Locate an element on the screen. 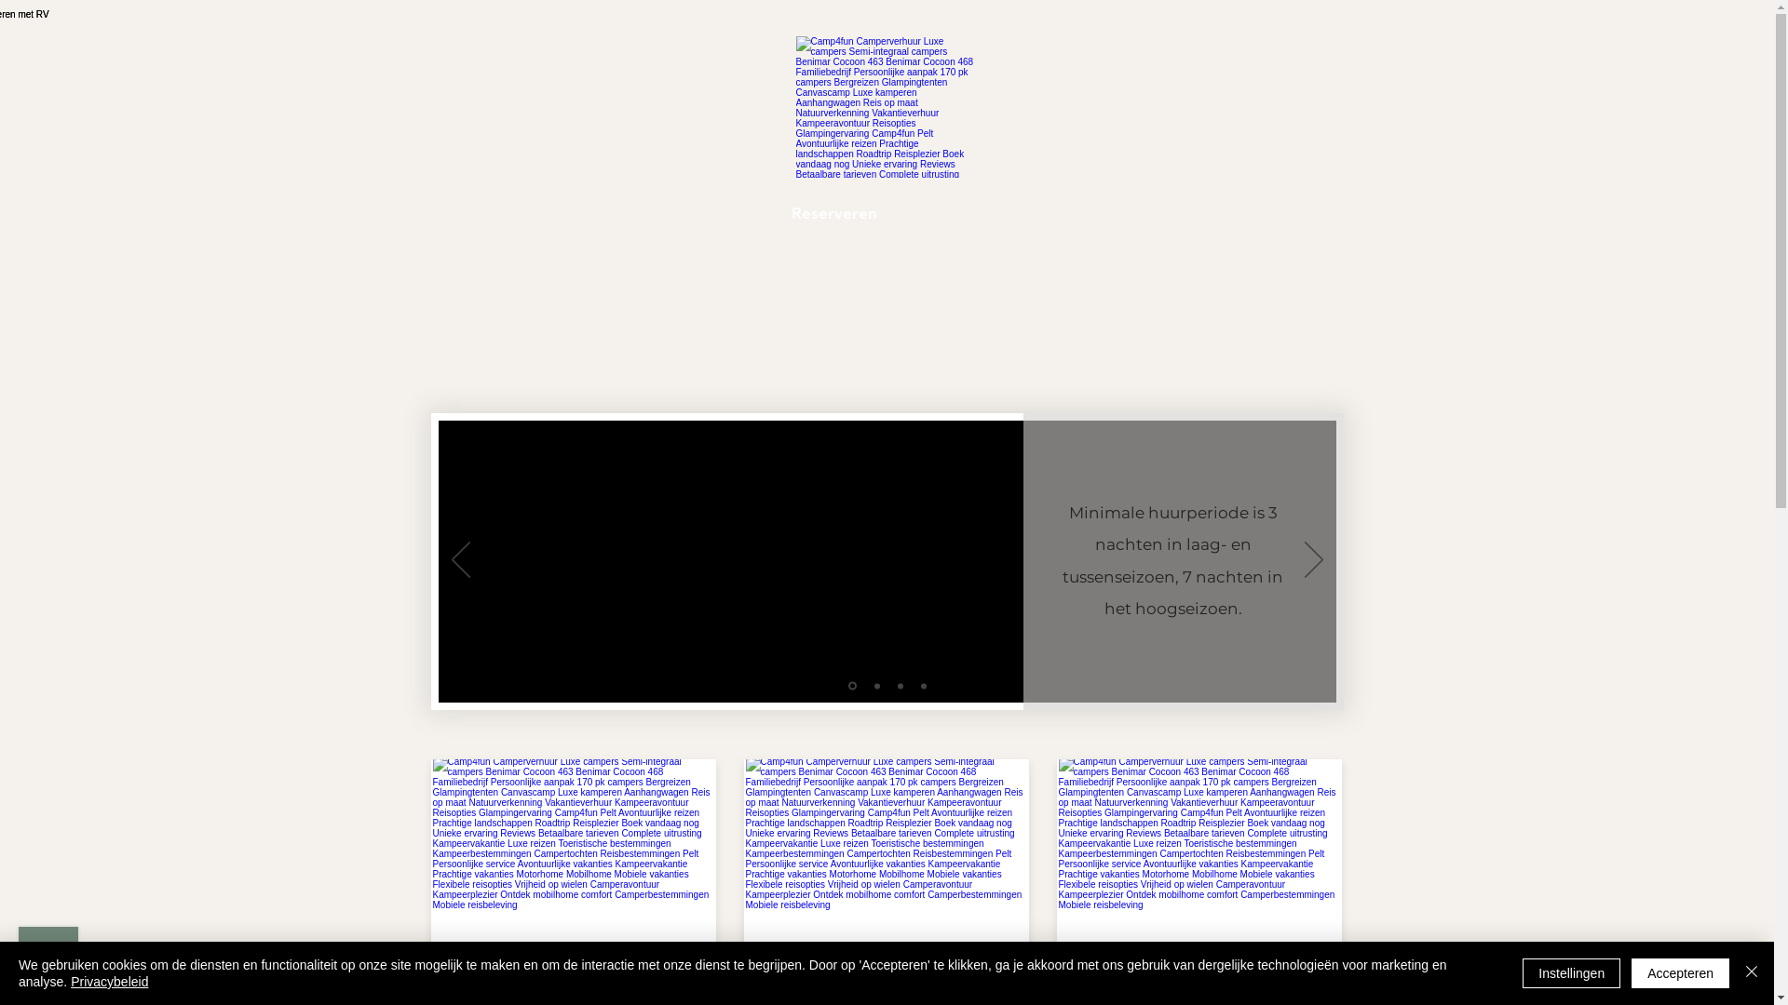 The image size is (1788, 1005). 'Campers' is located at coordinates (646, 211).